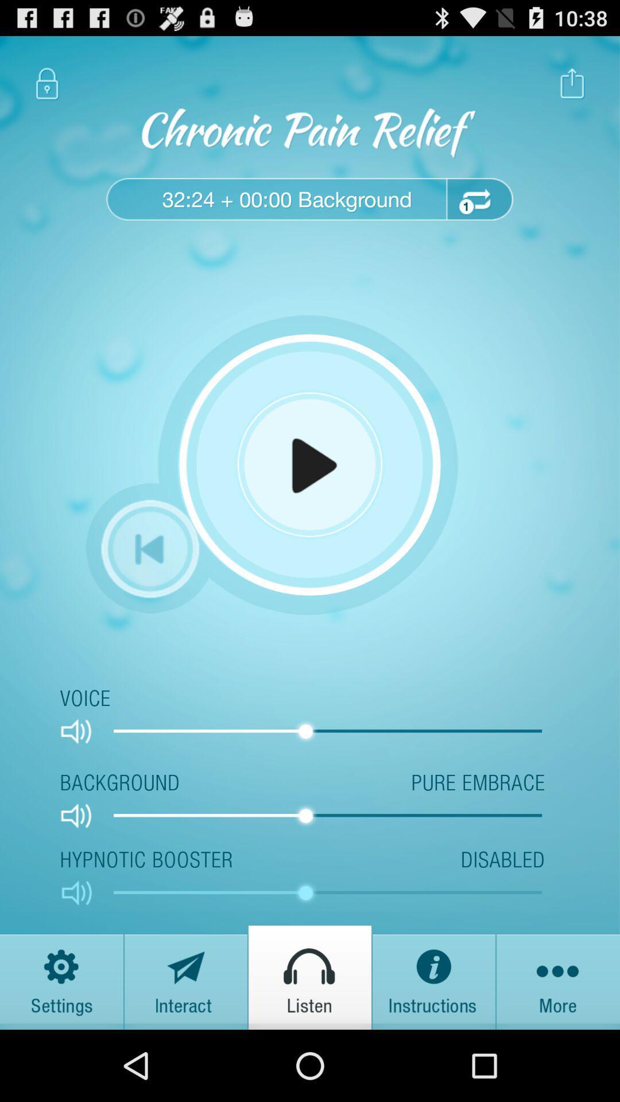  What do you see at coordinates (185, 1045) in the screenshot?
I see `the send icon` at bounding box center [185, 1045].